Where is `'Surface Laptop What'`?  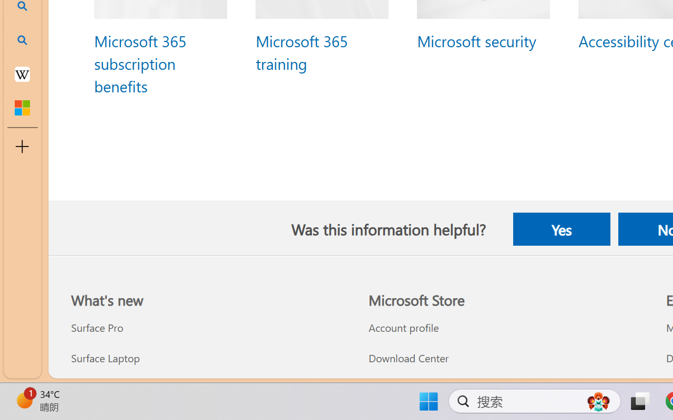
'Surface Laptop What' is located at coordinates (105, 358).